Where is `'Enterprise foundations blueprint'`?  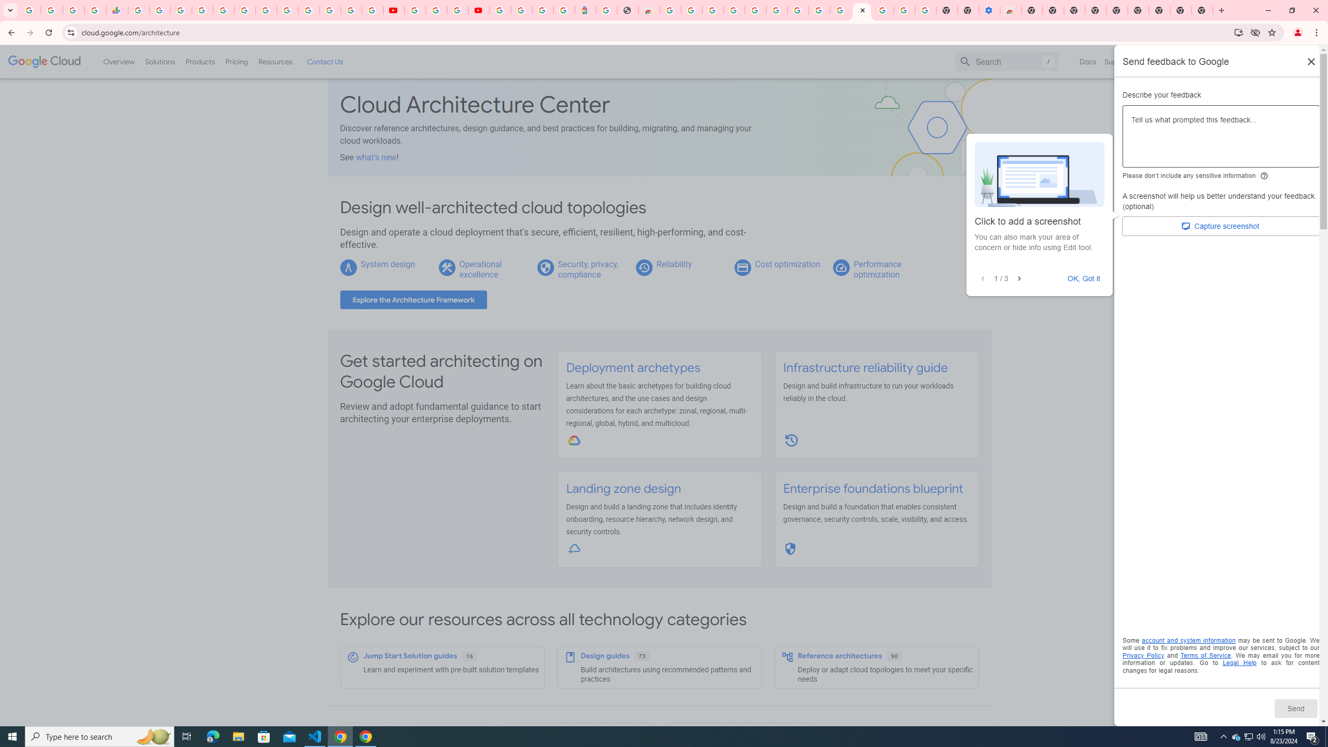 'Enterprise foundations blueprint' is located at coordinates (872, 489).